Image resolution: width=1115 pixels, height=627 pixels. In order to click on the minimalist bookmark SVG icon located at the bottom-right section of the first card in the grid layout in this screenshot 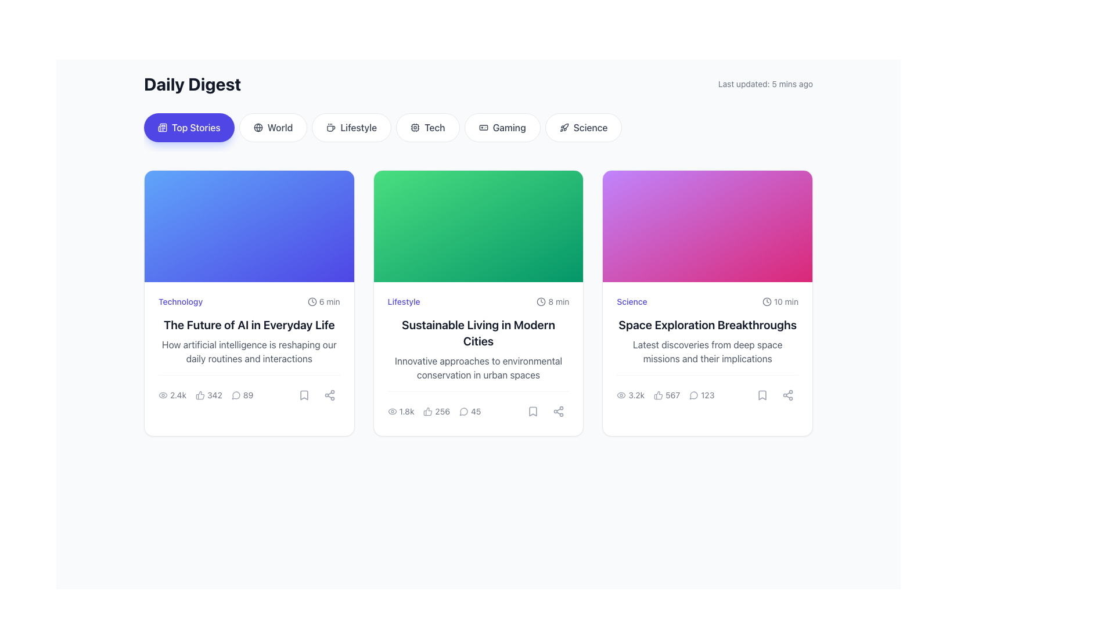, I will do `click(304, 395)`.